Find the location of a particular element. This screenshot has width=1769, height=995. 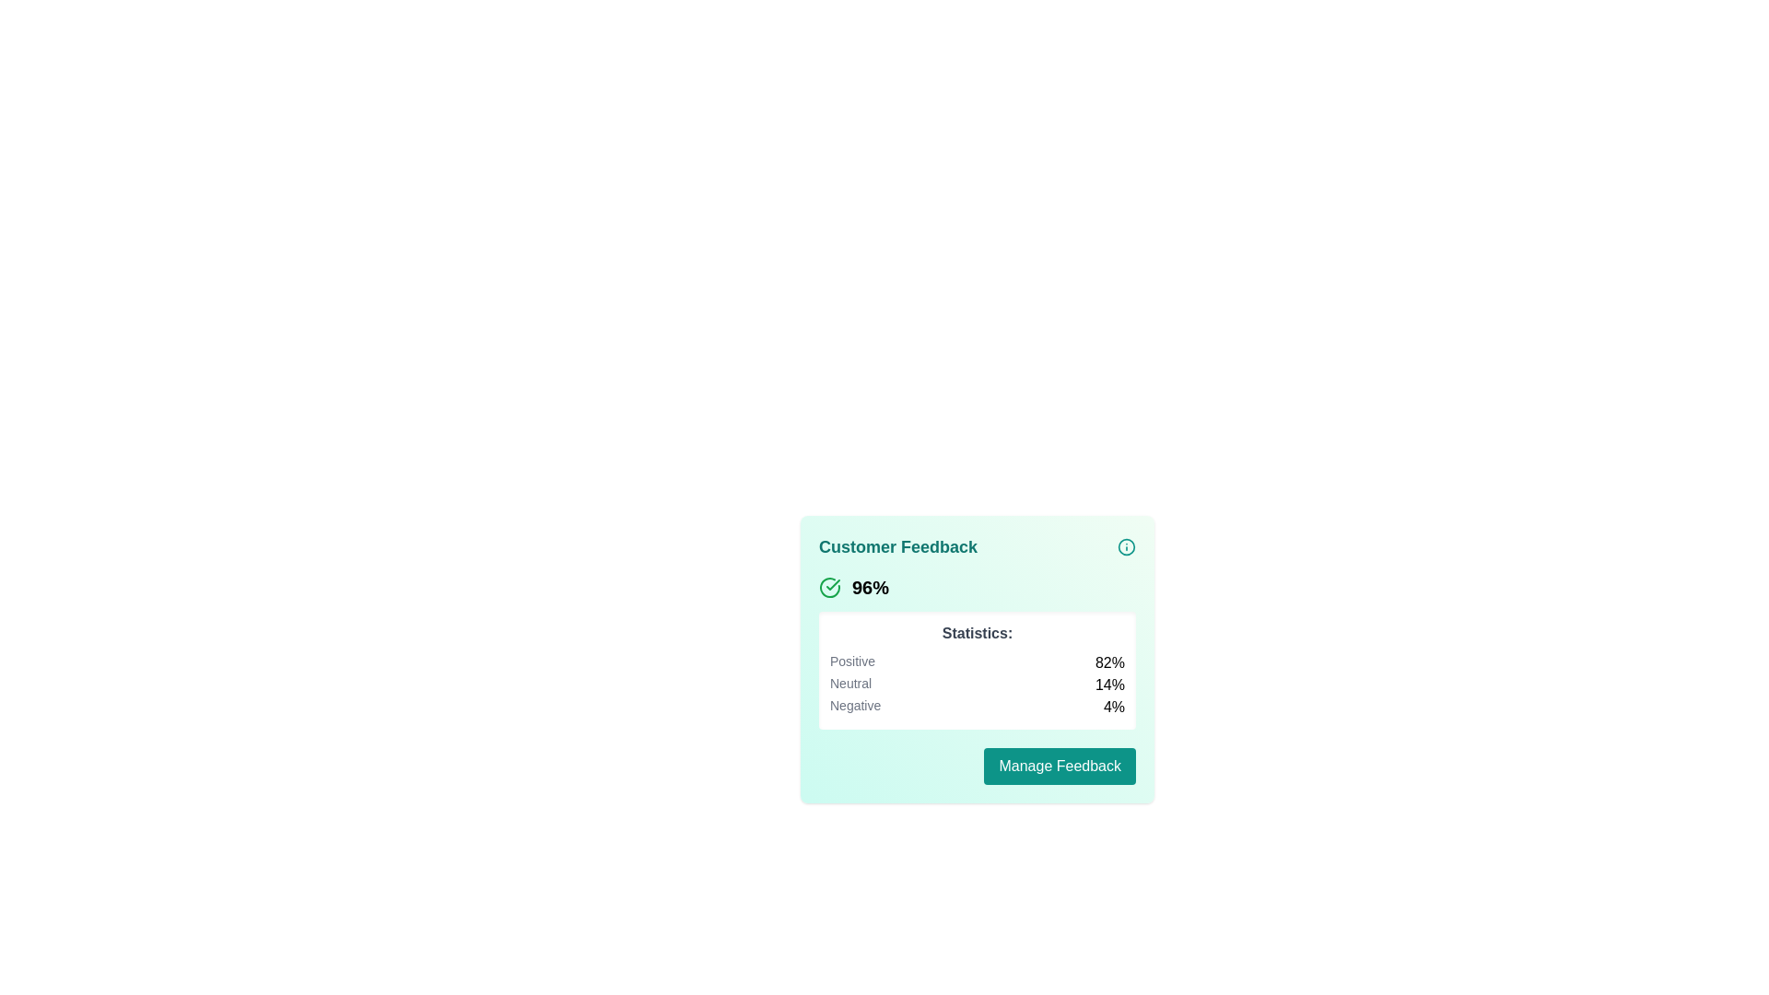

the circular checkmark icon that indicates success, positioned to the left of the bold '96%' text in the card interface is located at coordinates (829, 587).